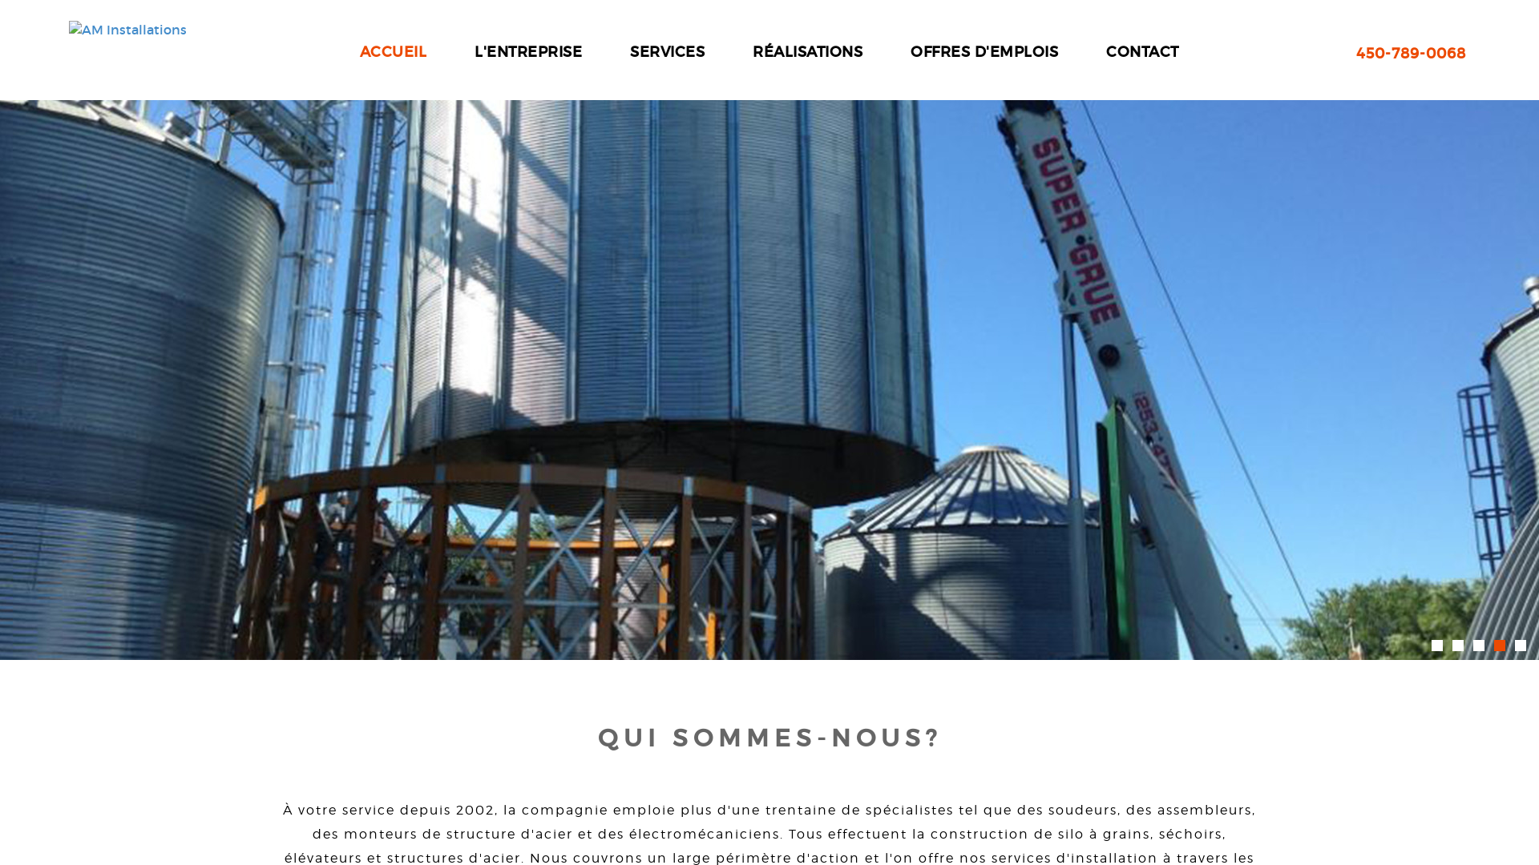 The height and width of the screenshot is (865, 1539). I want to click on '2', so click(1458, 645).